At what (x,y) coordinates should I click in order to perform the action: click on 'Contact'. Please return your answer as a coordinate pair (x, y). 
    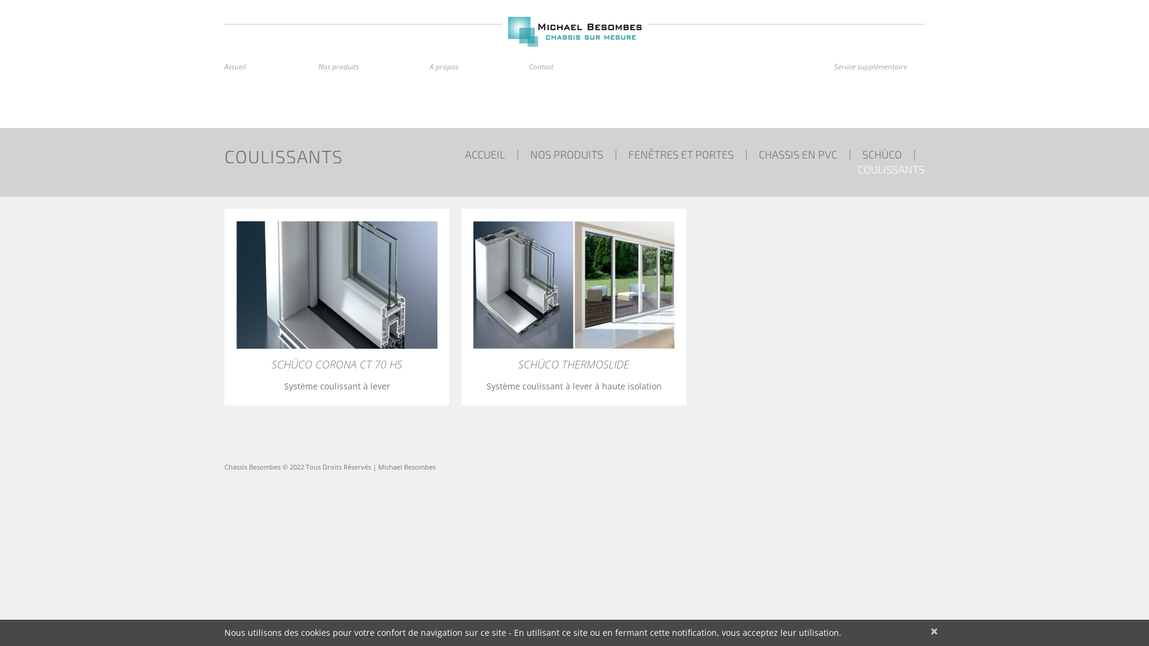
    Looking at the image, I should click on (540, 66).